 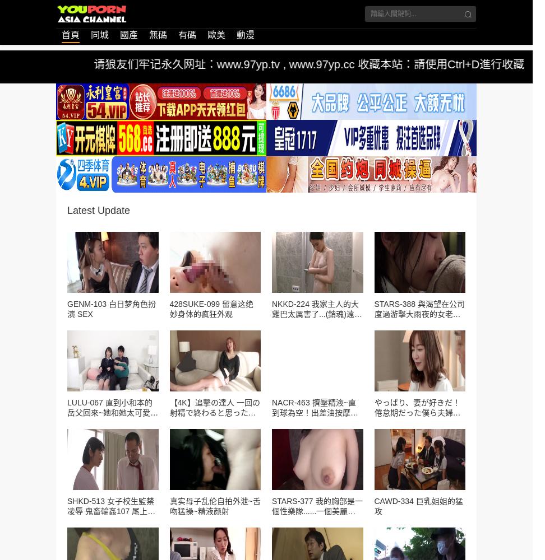 What do you see at coordinates (184, 496) in the screenshot?
I see `'15到20分钟。久最佳时间蒸大闸蟹的阳澄时候要注意时间不能太短,以免大闸蟹蒸不熟;但也不是蒸的越久越好,时间过长,肉质会变老,影响它的口感,所以一般控制在15到20。'` at bounding box center [184, 496].